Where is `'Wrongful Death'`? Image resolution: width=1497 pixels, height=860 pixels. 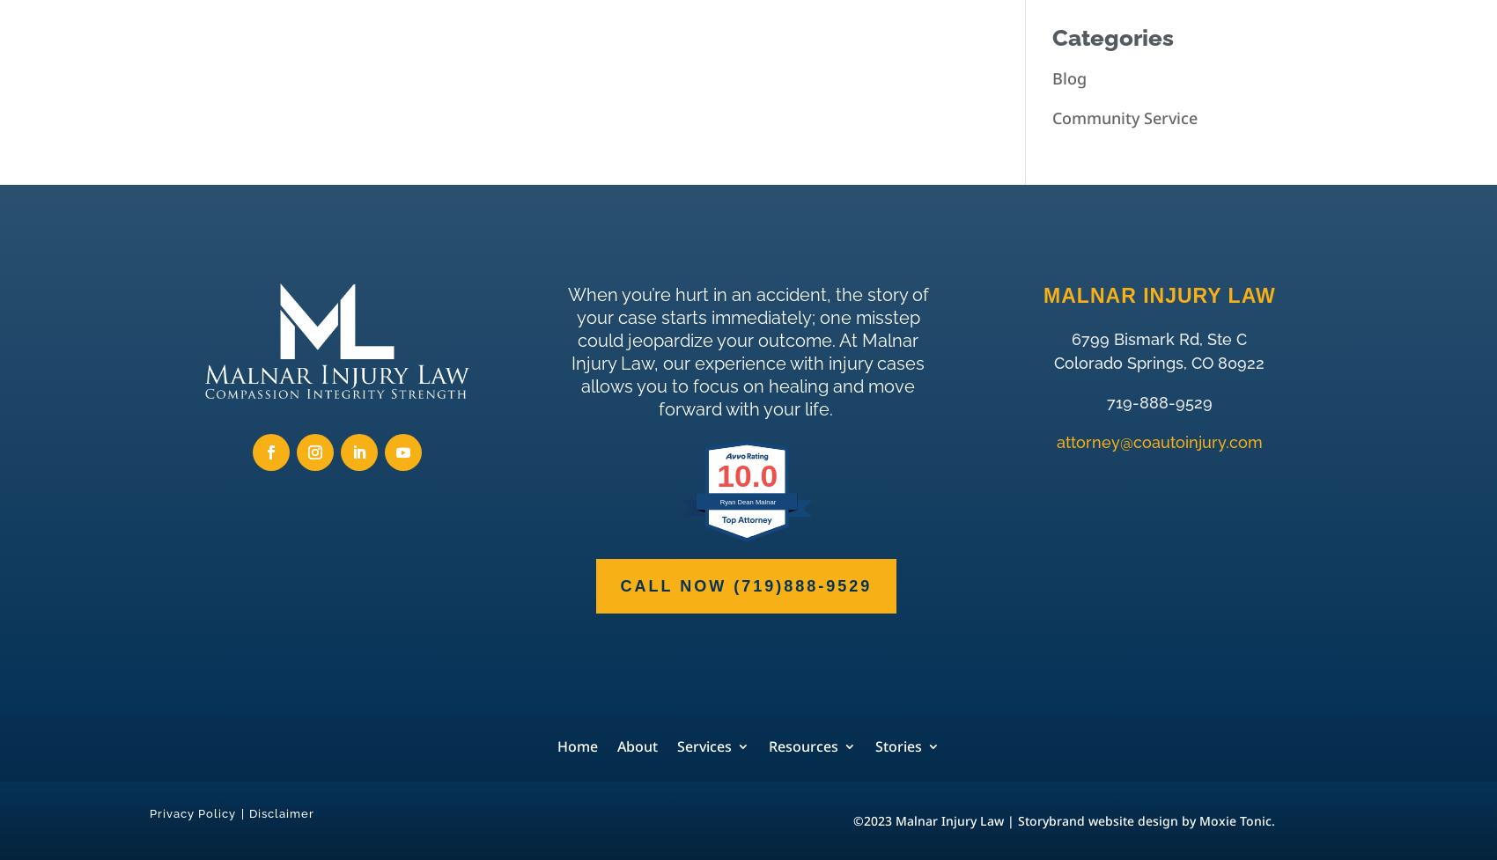
'Wrongful Death' is located at coordinates (756, 415).